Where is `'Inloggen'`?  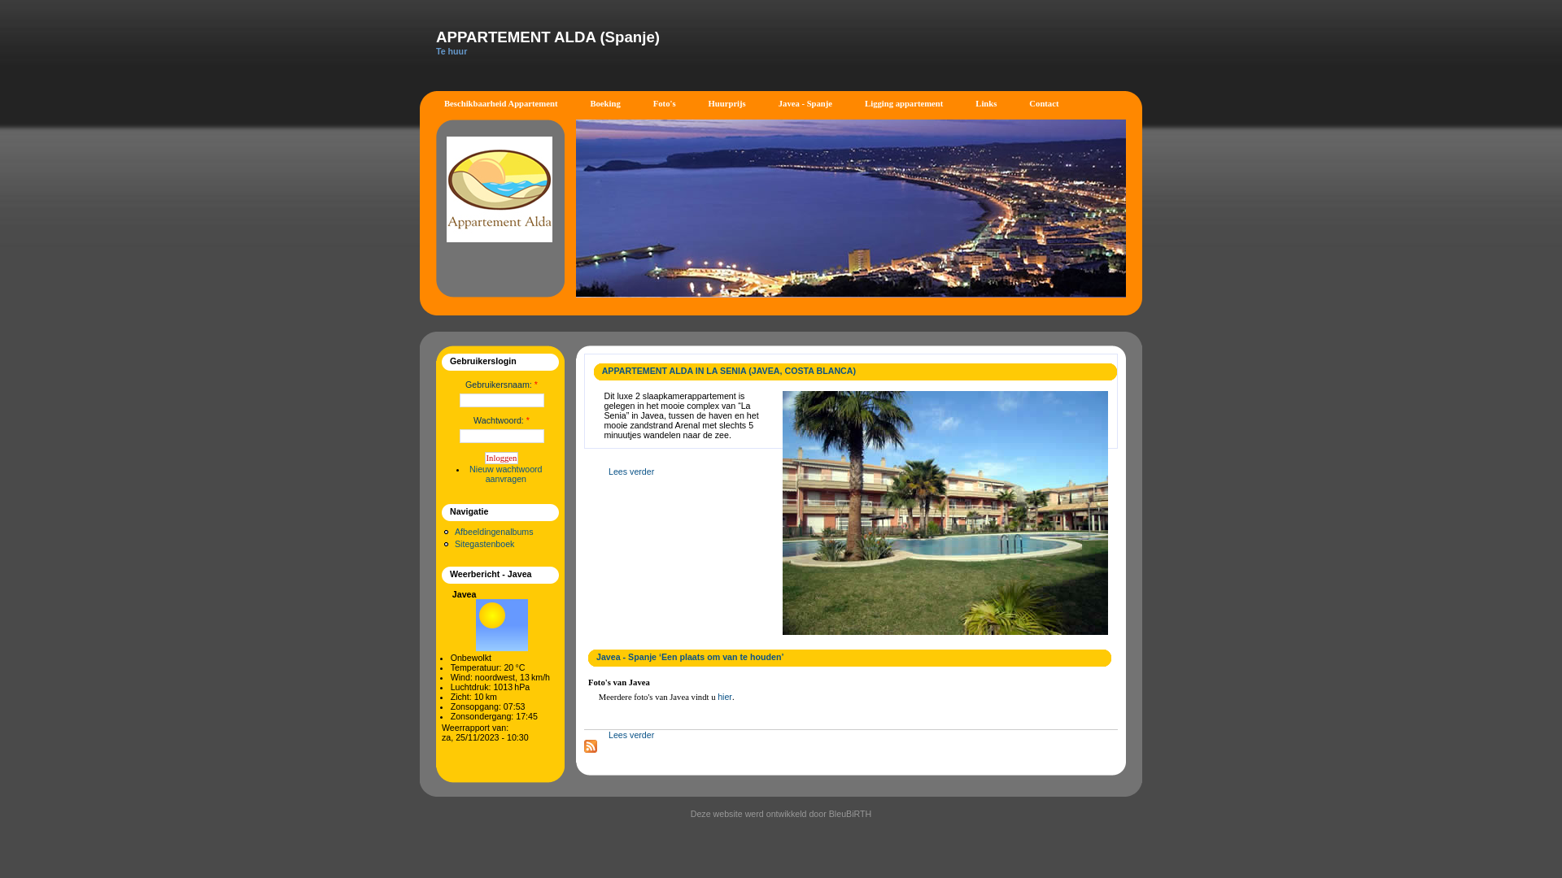 'Inloggen' is located at coordinates (501, 458).